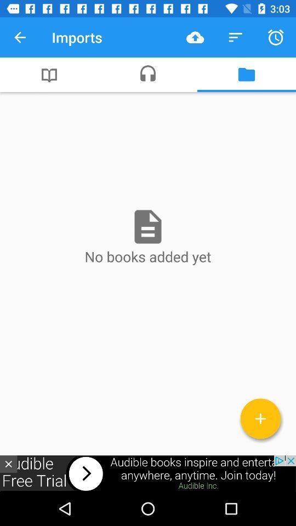 The width and height of the screenshot is (296, 526). What do you see at coordinates (260, 418) in the screenshot?
I see `the add icon` at bounding box center [260, 418].